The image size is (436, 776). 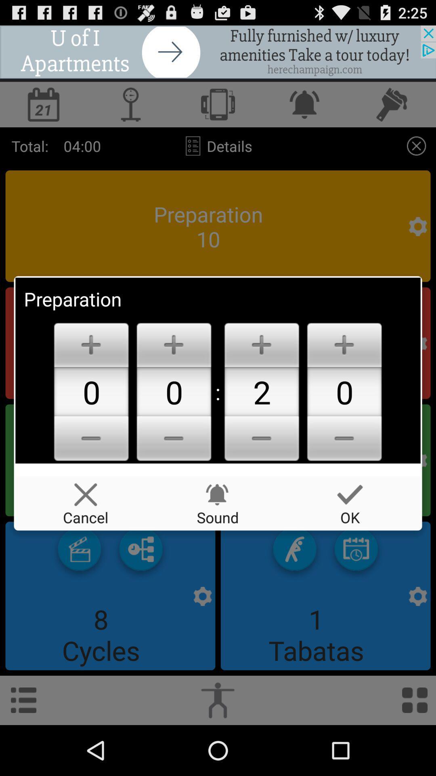 I want to click on the notifications icon, so click(x=305, y=111).